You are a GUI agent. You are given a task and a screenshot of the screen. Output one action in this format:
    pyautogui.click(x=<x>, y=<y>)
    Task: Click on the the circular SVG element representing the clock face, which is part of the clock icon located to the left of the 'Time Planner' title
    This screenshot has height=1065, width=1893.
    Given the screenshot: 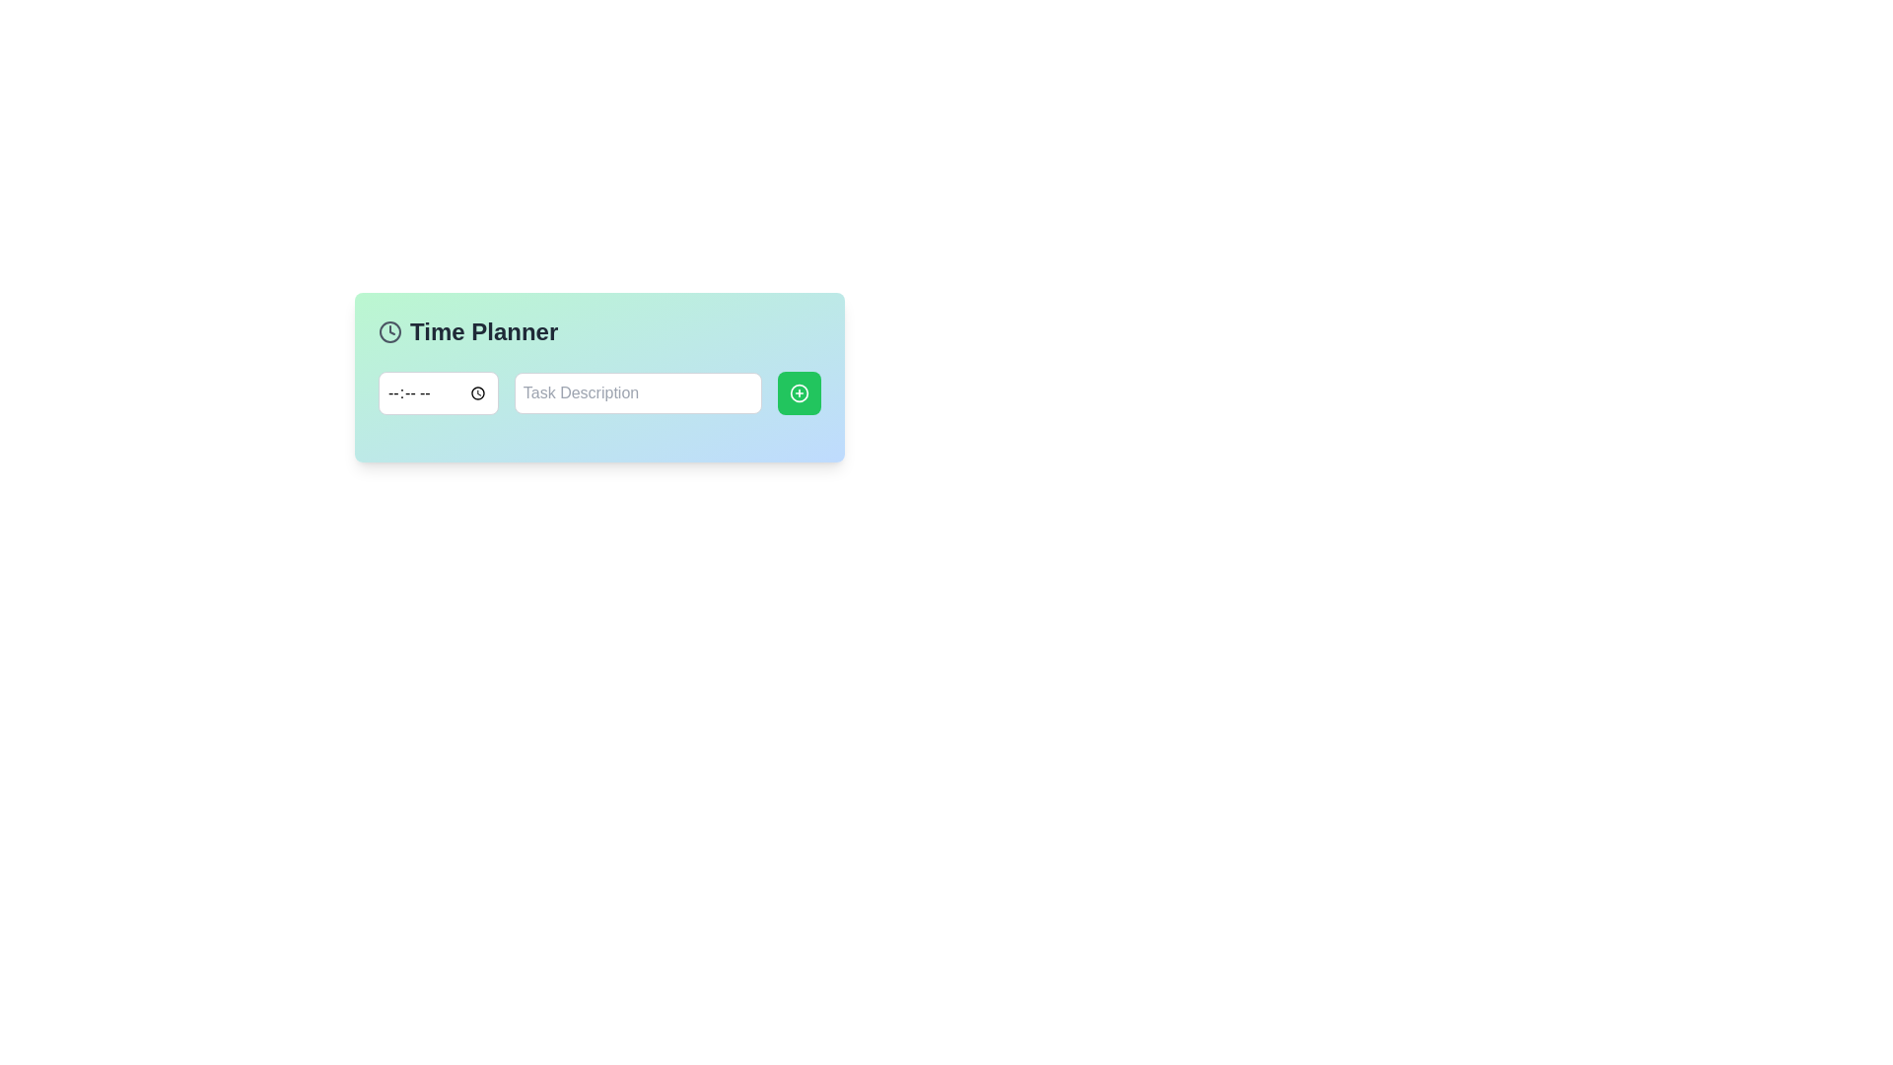 What is the action you would take?
    pyautogui.click(x=389, y=330)
    